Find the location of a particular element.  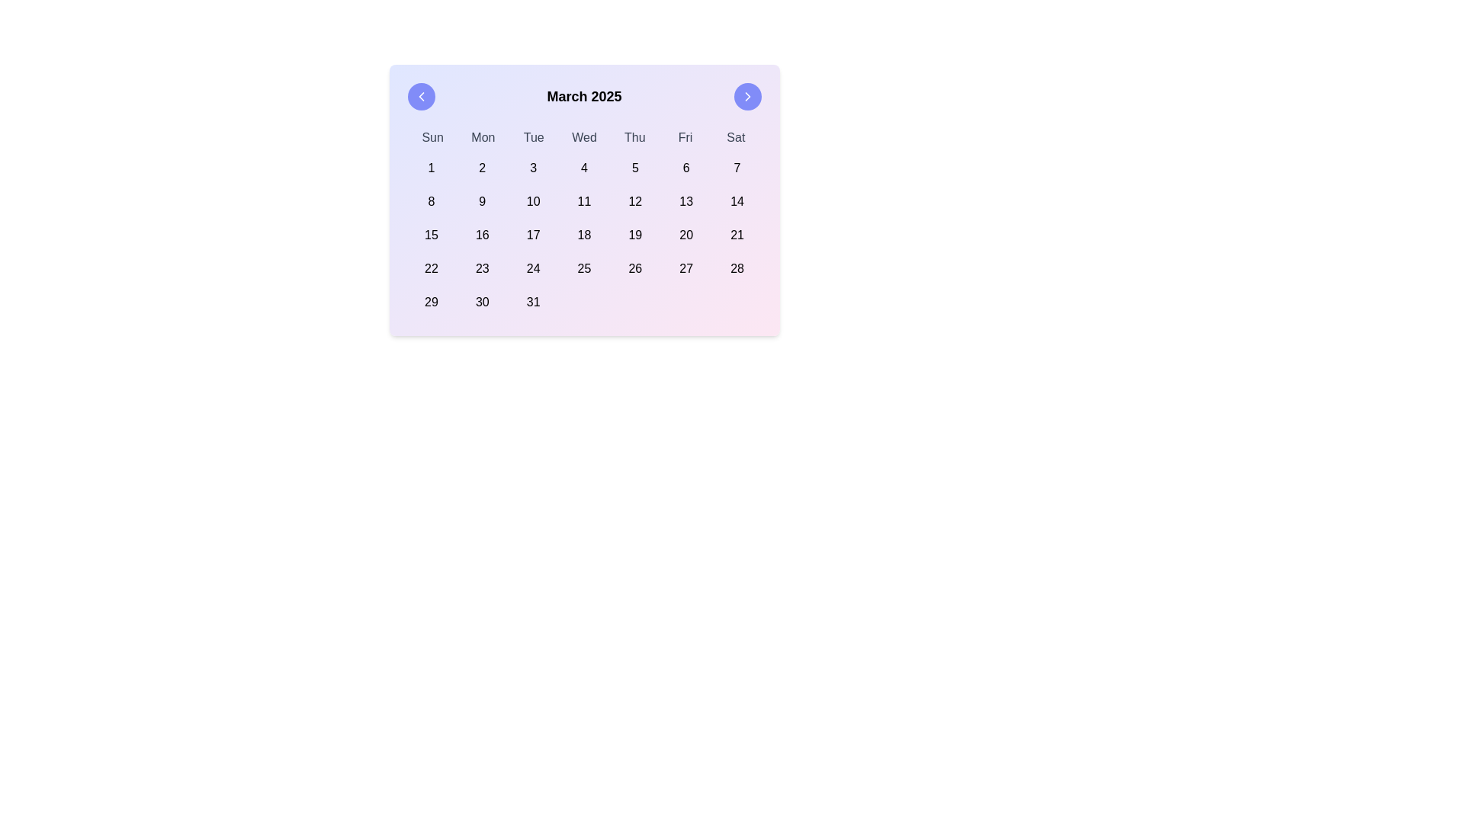

the square-shaped button displaying the text '26' is located at coordinates (635, 268).